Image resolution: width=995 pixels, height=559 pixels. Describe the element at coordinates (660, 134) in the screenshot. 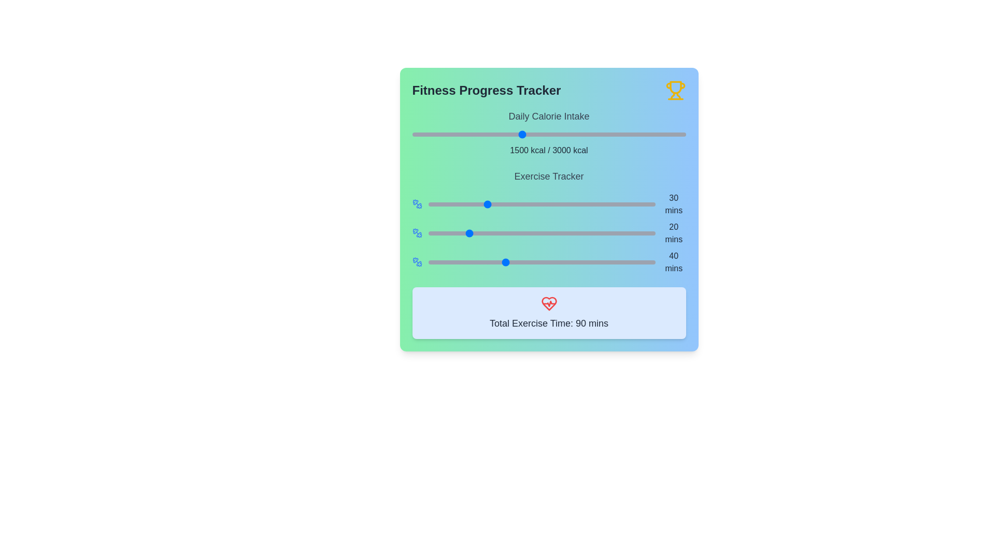

I see `daily calorie intake` at that location.